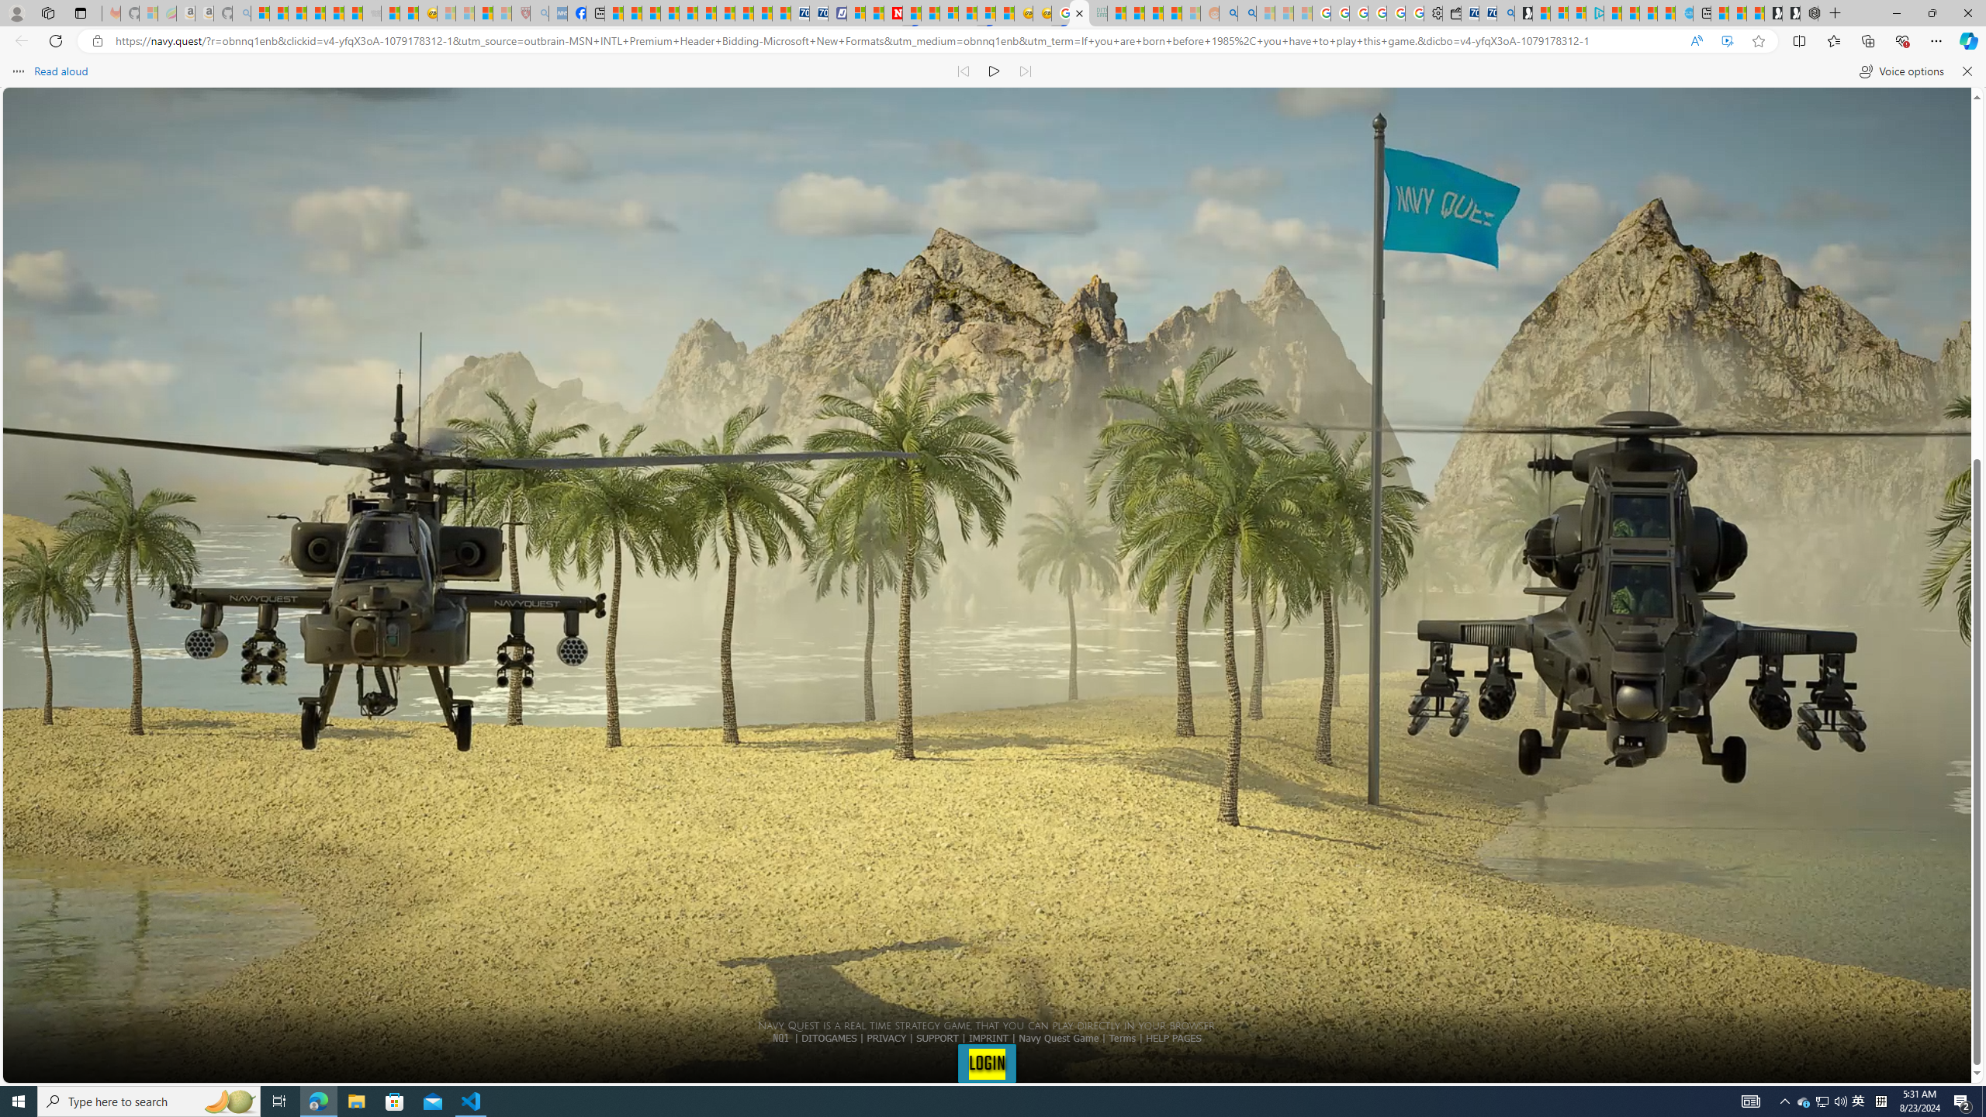  I want to click on 'Cheap Car Rentals - Save70.com', so click(1486, 12).